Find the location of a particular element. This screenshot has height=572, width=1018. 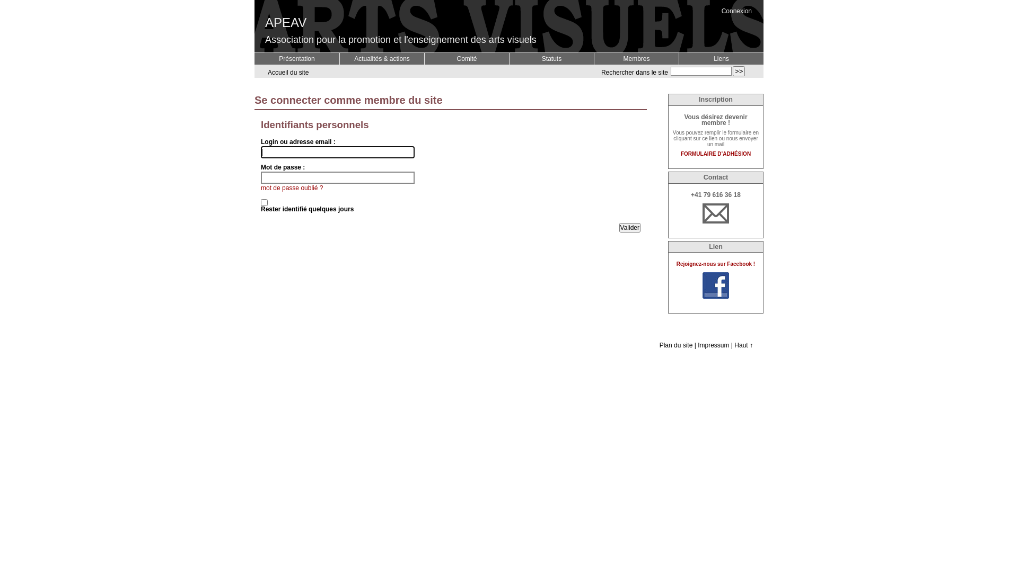

'>>' is located at coordinates (738, 71).